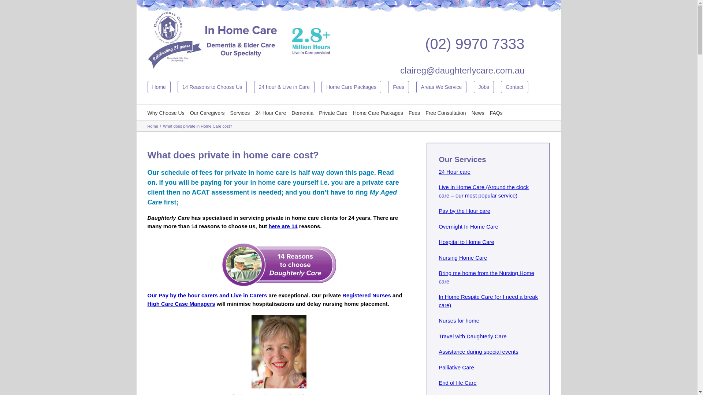 Image resolution: width=703 pixels, height=395 pixels. What do you see at coordinates (514, 87) in the screenshot?
I see `'Contact'` at bounding box center [514, 87].